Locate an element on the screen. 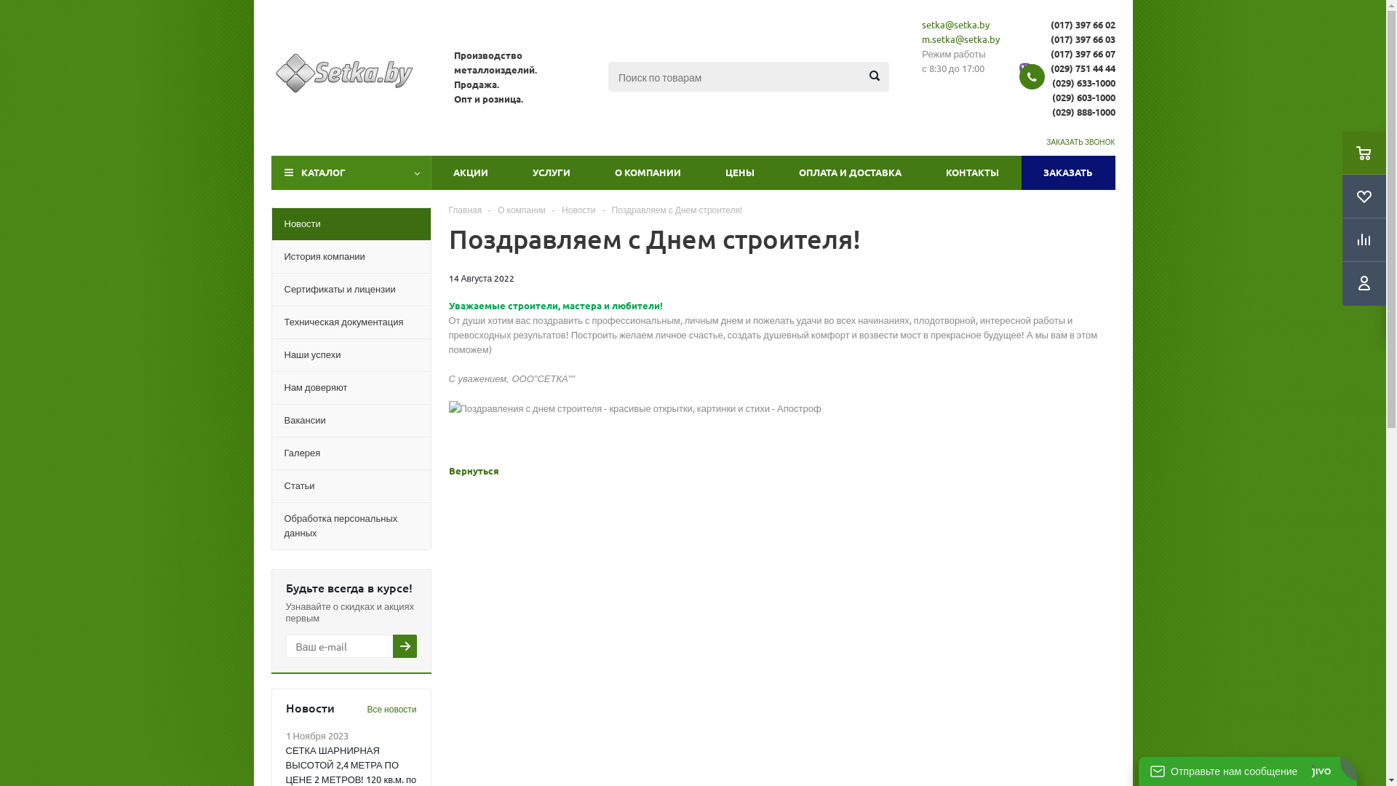 This screenshot has width=1397, height=786. 'm.setka@setka.by' is located at coordinates (960, 38).